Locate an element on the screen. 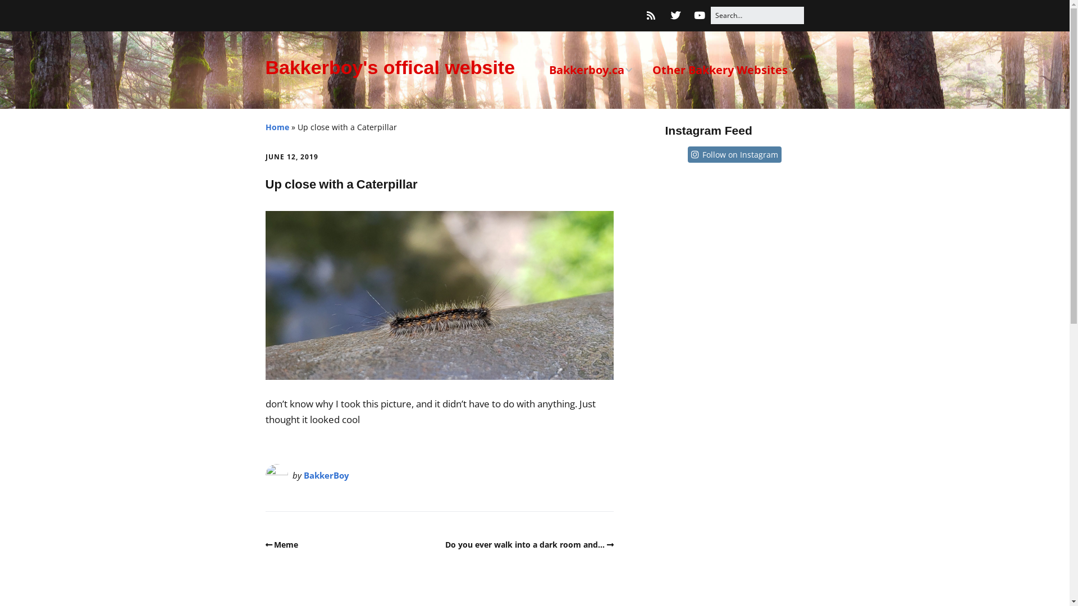 The width and height of the screenshot is (1078, 606). 'Home' is located at coordinates (277, 126).